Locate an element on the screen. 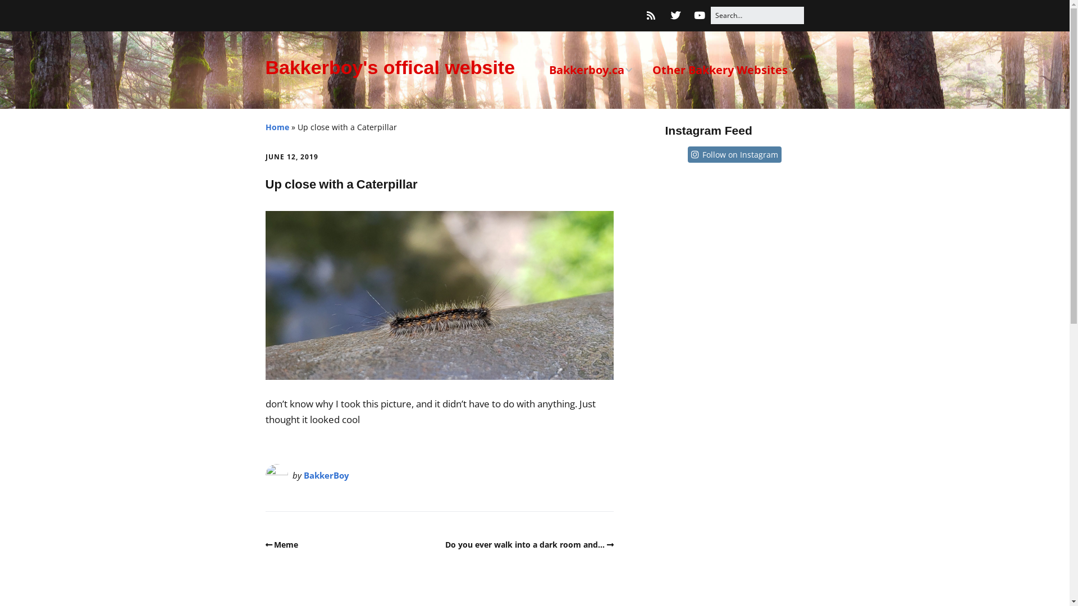 The width and height of the screenshot is (1078, 606). 'Home' is located at coordinates (277, 126).